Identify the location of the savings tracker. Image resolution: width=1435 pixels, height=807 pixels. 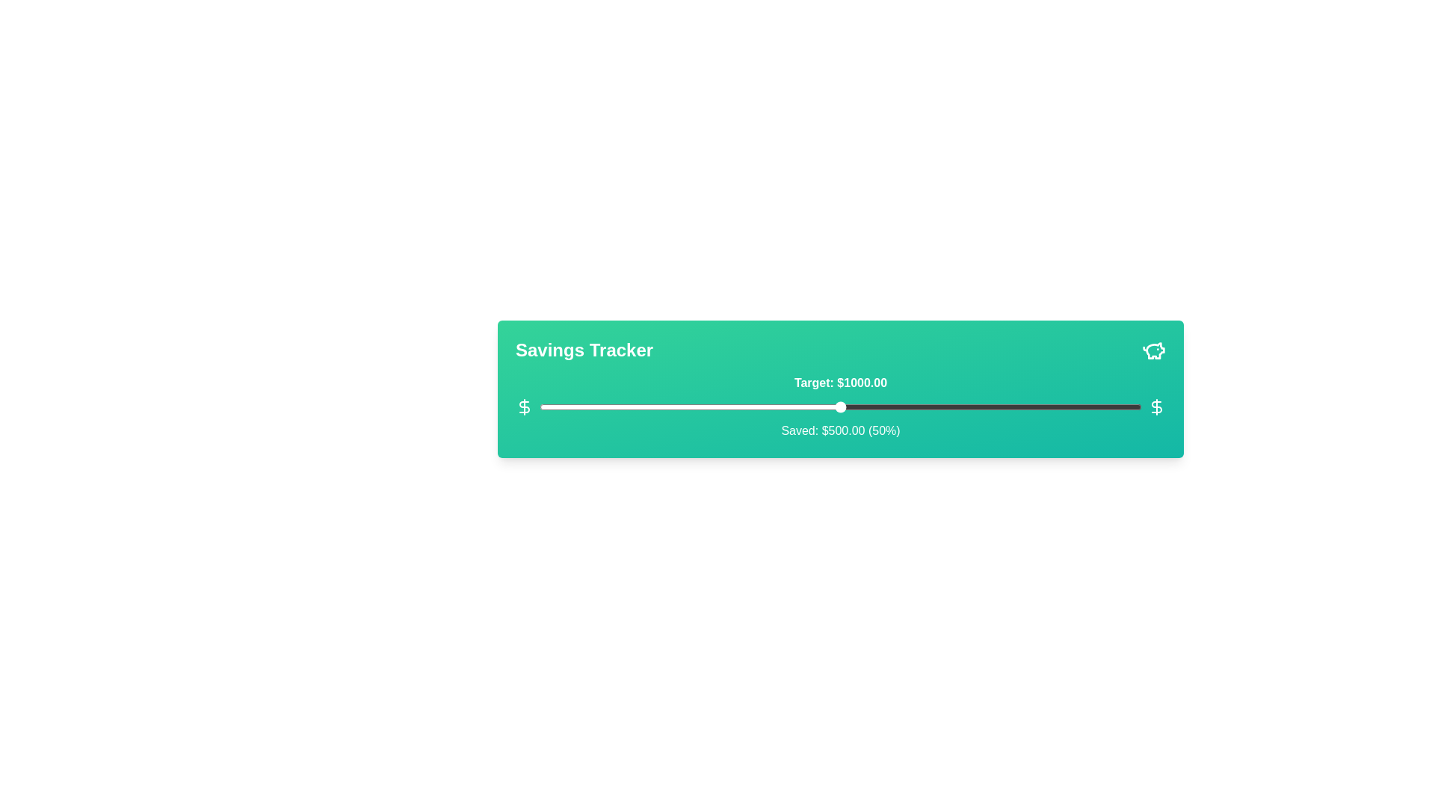
(623, 406).